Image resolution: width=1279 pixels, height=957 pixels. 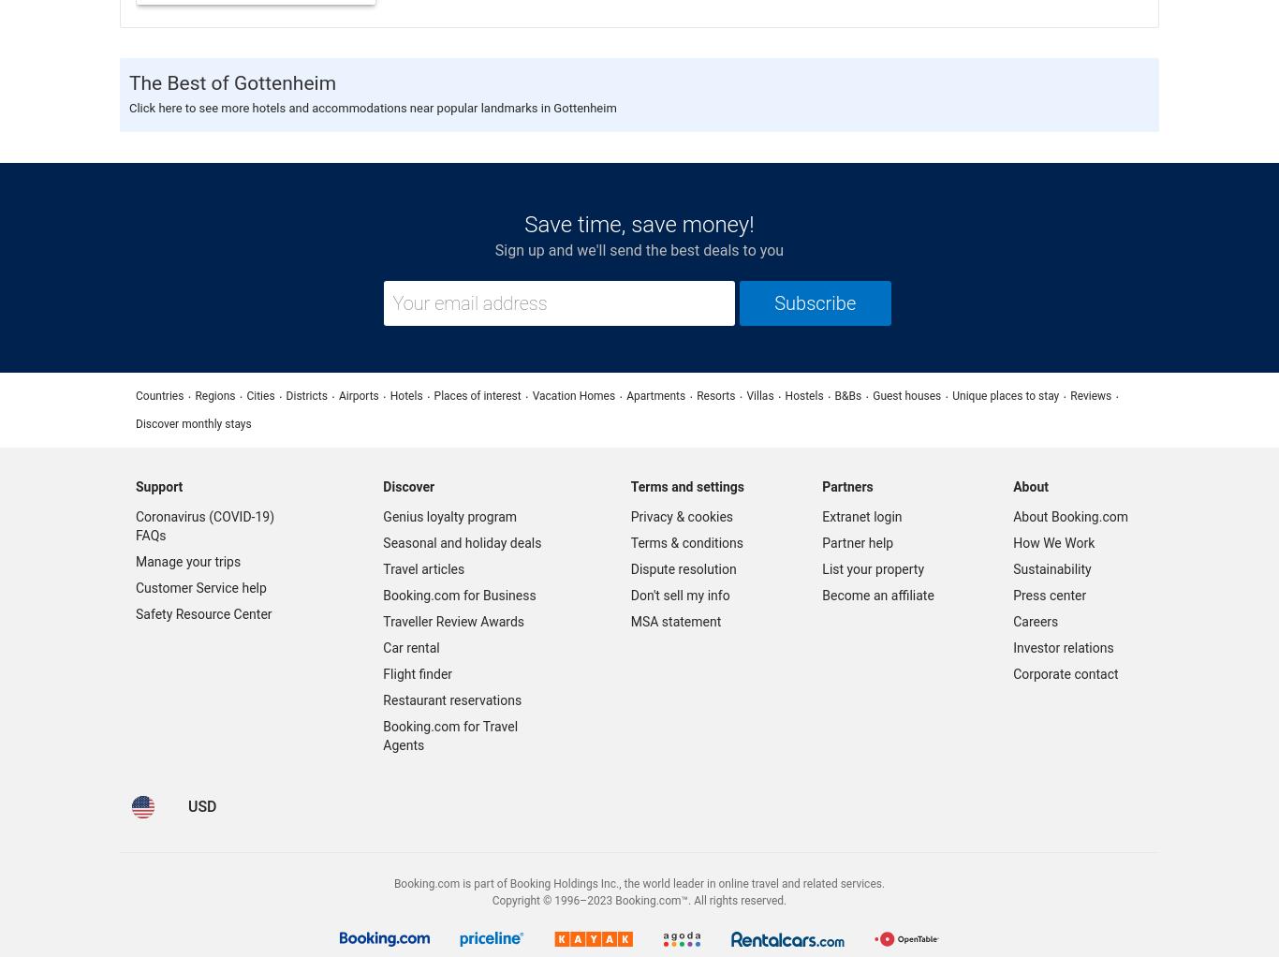 What do you see at coordinates (462, 542) in the screenshot?
I see `'Seasonal and holiday deals'` at bounding box center [462, 542].